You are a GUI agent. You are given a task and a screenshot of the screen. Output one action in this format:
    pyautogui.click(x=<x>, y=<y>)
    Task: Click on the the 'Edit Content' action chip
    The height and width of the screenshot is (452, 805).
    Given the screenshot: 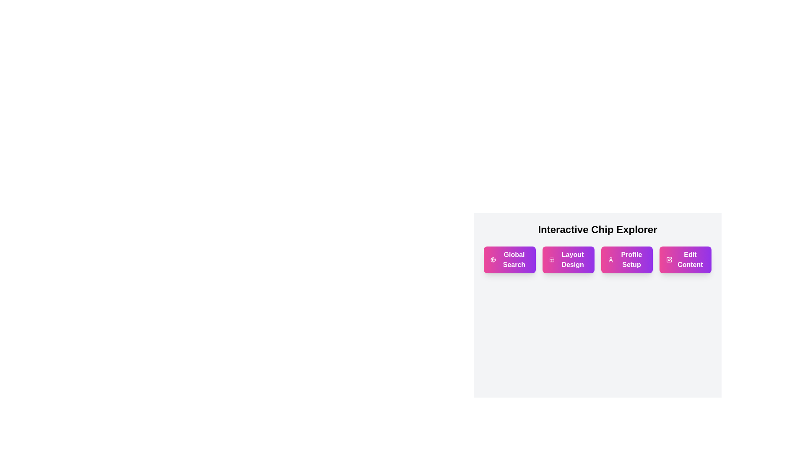 What is the action you would take?
    pyautogui.click(x=686, y=259)
    